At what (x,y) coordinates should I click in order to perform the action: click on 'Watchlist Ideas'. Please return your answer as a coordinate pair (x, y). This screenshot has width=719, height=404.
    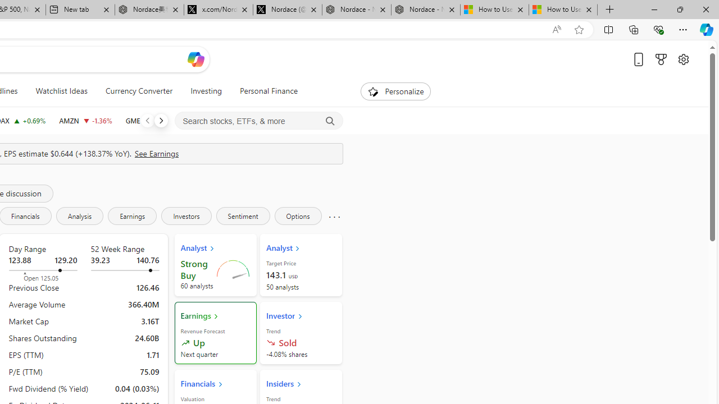
    Looking at the image, I should click on (61, 91).